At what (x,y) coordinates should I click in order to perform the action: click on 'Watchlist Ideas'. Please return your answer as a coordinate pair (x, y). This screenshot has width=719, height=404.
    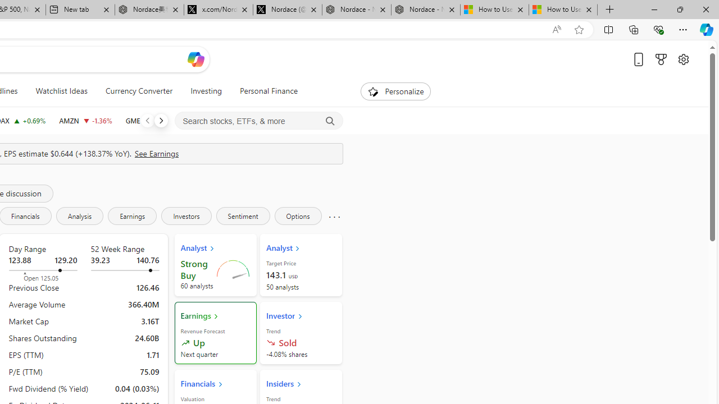
    Looking at the image, I should click on (61, 91).